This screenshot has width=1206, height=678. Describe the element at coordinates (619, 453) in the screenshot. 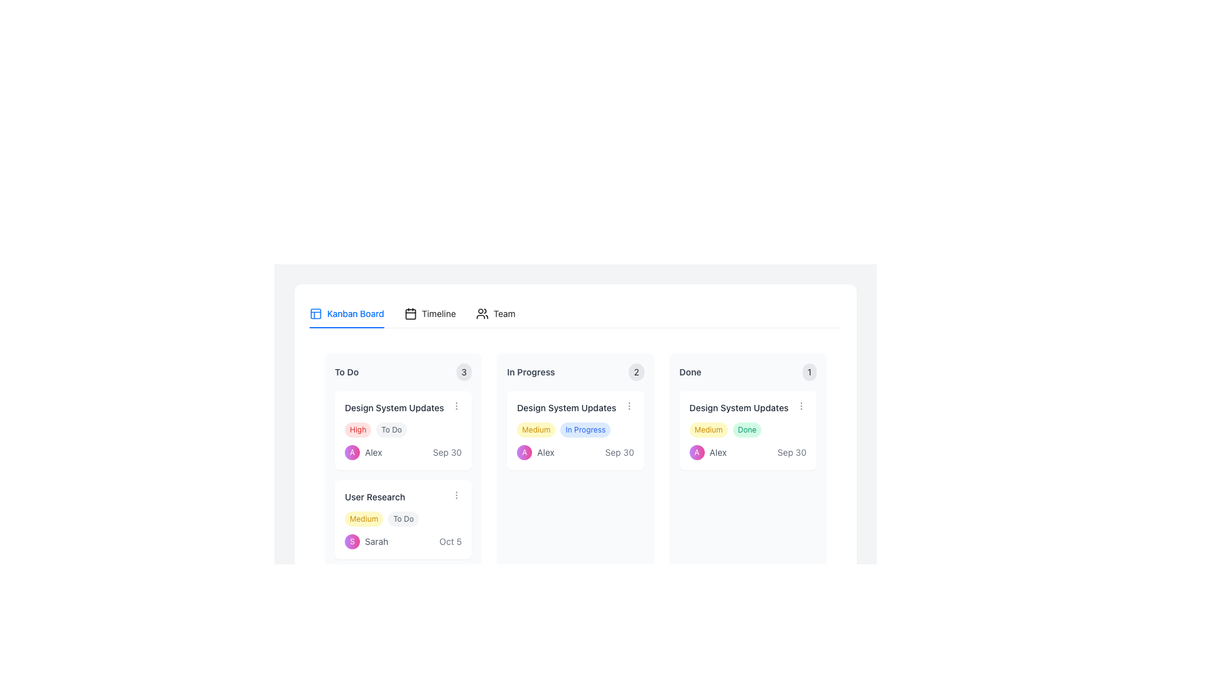

I see `the text label displaying 'Sep 30' located in the lower-right corner of the task card labeled 'In Progress', positioned after 'Alex'` at that location.